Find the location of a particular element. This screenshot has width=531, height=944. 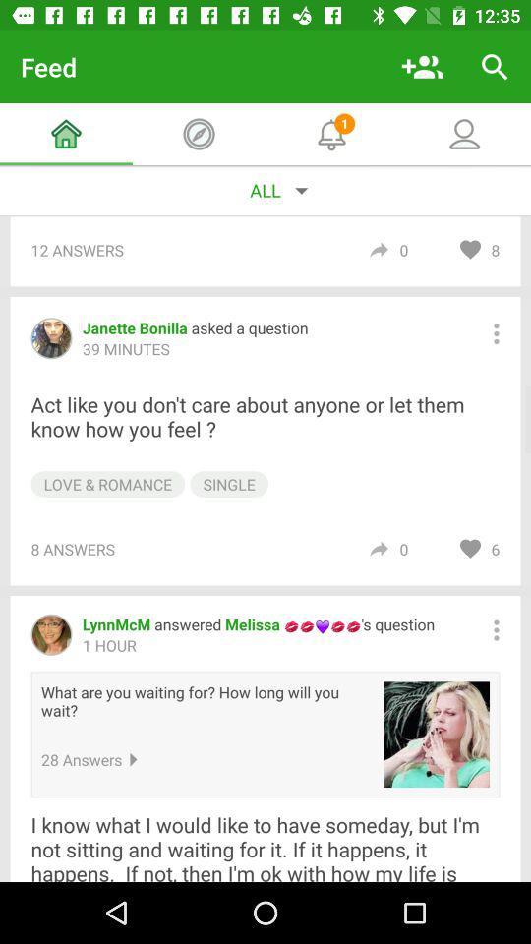

comment options is located at coordinates (495, 333).